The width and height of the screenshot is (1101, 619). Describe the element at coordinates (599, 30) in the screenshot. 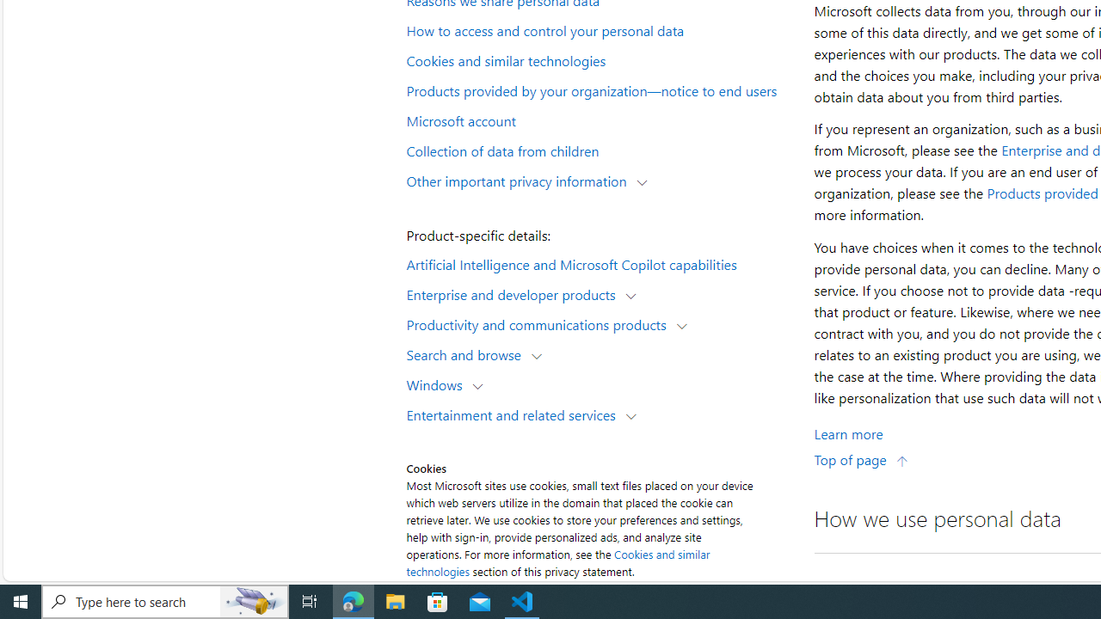

I see `'How to access and control your personal data'` at that location.